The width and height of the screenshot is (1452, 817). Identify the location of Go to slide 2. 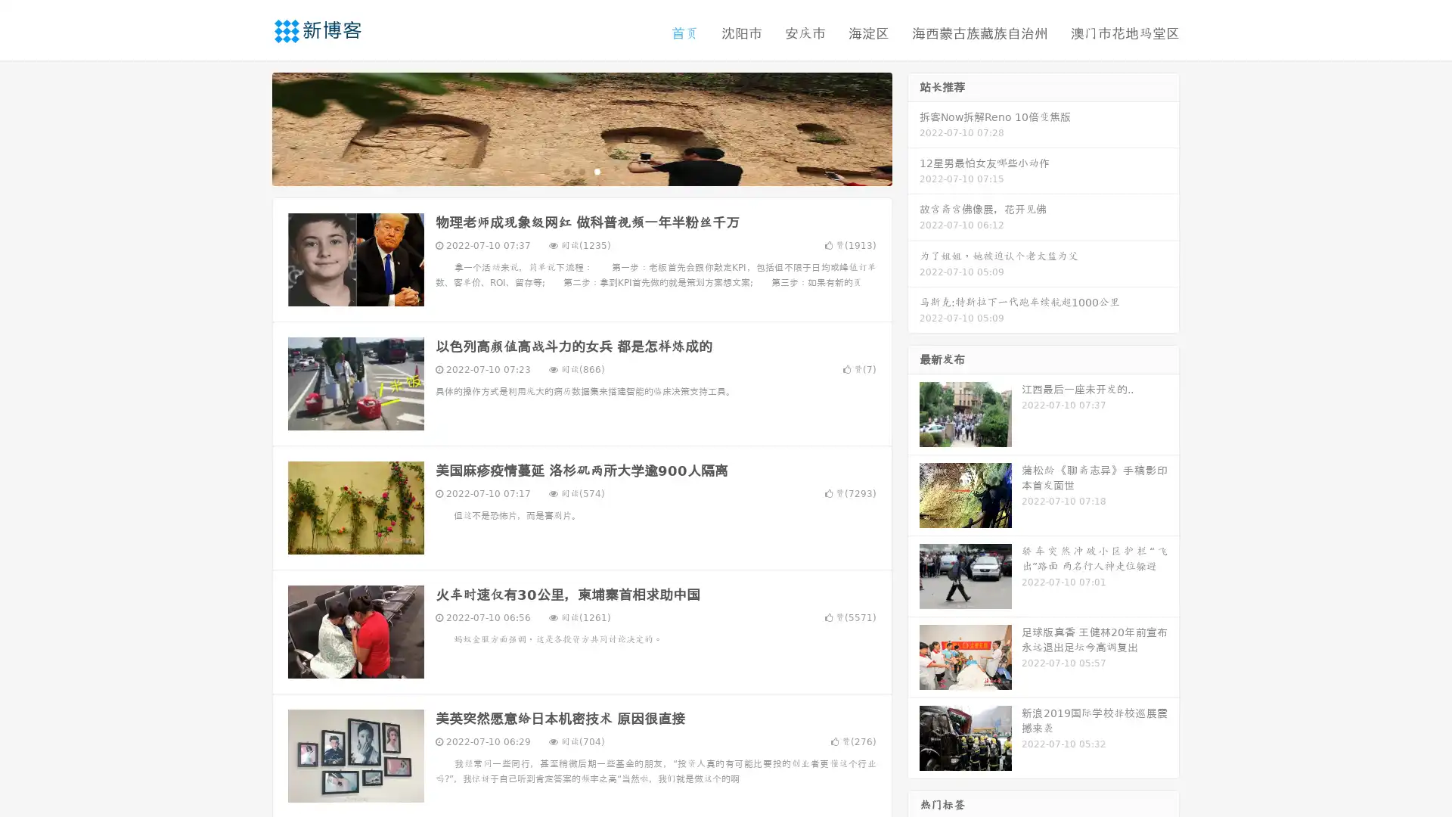
(581, 170).